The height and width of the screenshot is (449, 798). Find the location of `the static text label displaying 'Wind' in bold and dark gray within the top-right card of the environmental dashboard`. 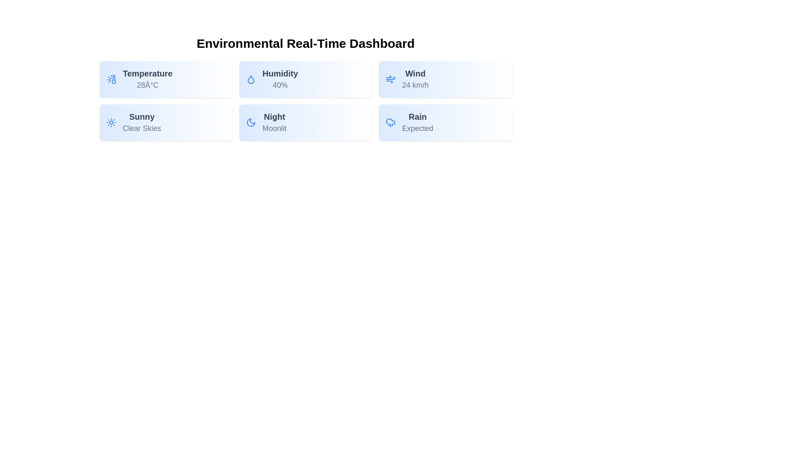

the static text label displaying 'Wind' in bold and dark gray within the top-right card of the environmental dashboard is located at coordinates (415, 73).